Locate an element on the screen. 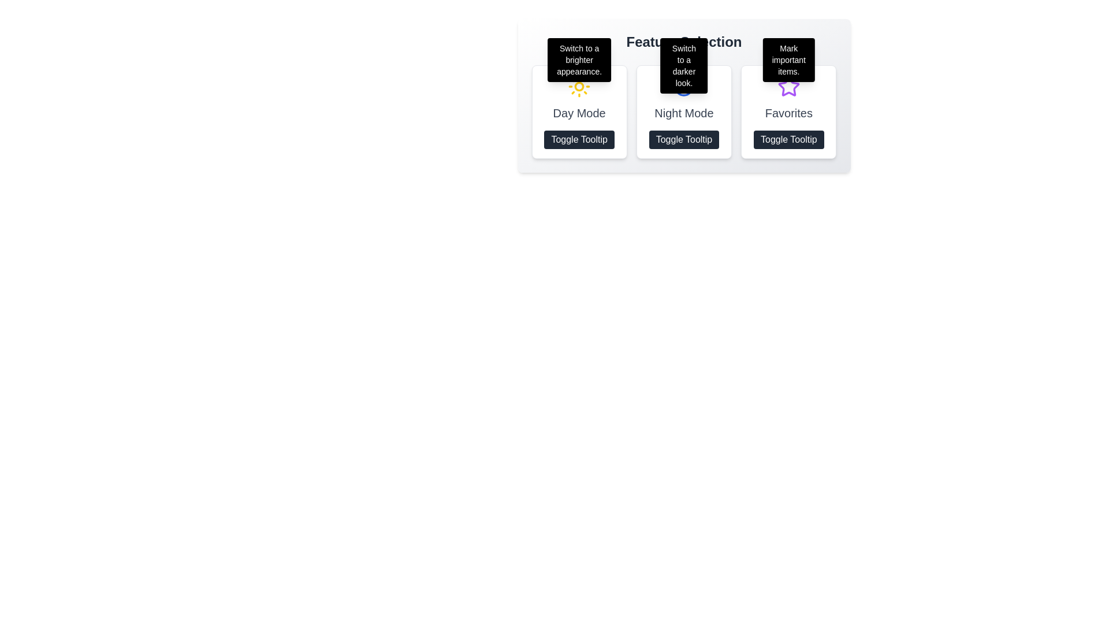  the purple star icon located at the top of the panel labeled 'Favorites', which is the third element in a row of three similar elements is located at coordinates (788, 112).